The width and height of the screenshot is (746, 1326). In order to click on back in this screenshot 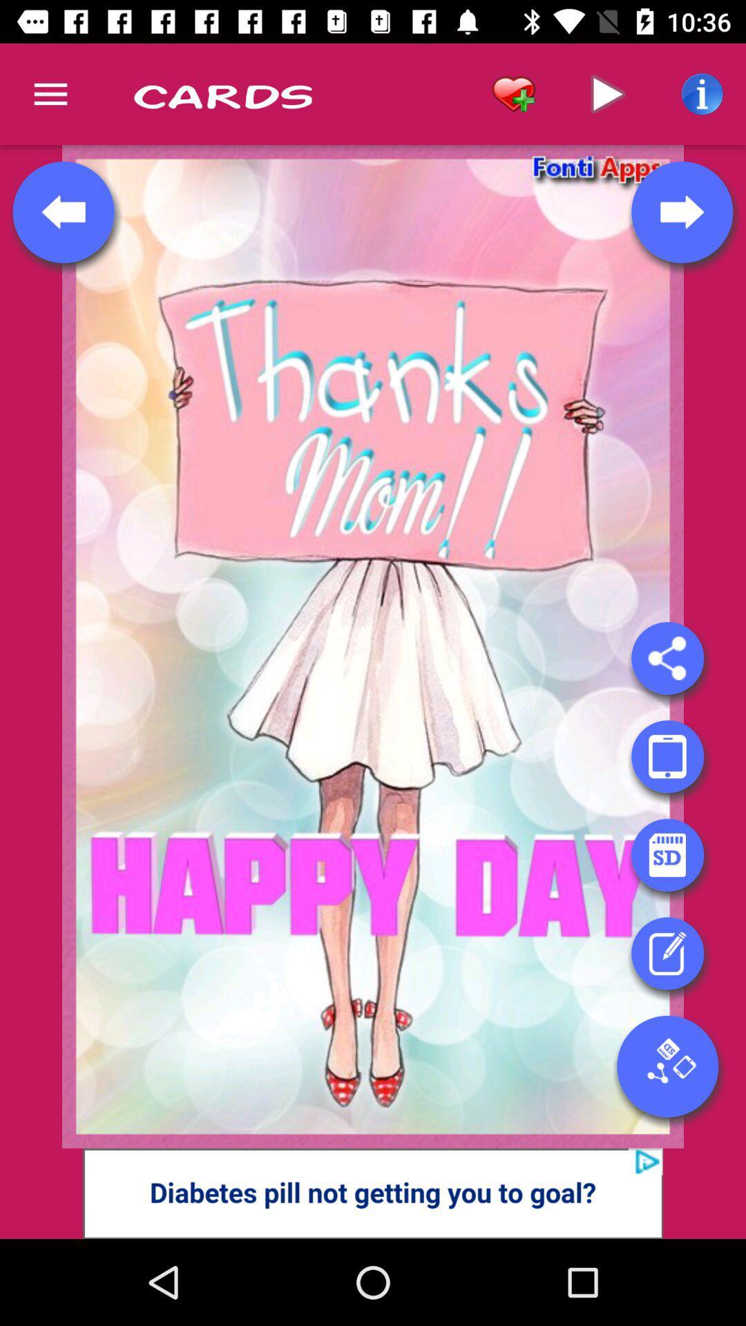, I will do `click(64, 211)`.